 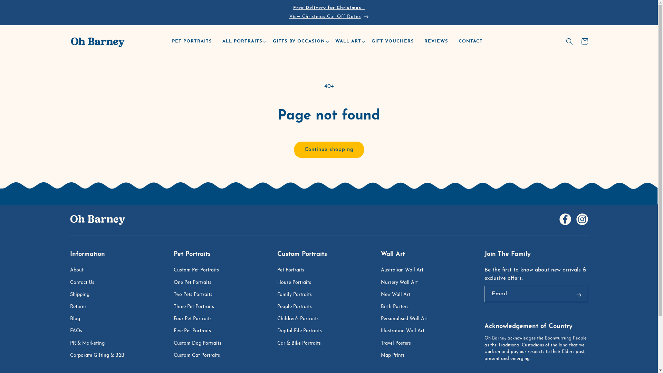 I want to click on 'Returns', so click(x=81, y=306).